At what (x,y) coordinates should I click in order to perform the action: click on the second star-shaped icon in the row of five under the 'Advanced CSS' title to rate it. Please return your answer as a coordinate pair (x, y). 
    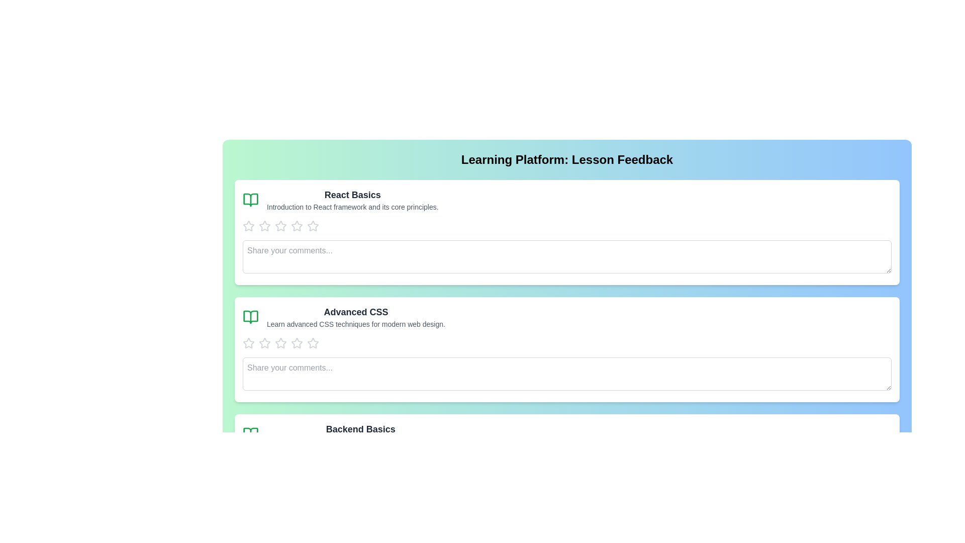
    Looking at the image, I should click on (280, 342).